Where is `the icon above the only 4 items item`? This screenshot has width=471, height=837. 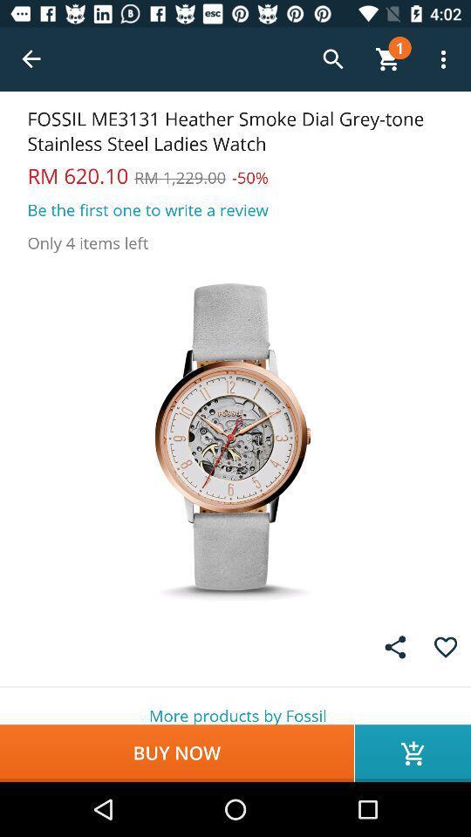
the icon above the only 4 items item is located at coordinates (147, 209).